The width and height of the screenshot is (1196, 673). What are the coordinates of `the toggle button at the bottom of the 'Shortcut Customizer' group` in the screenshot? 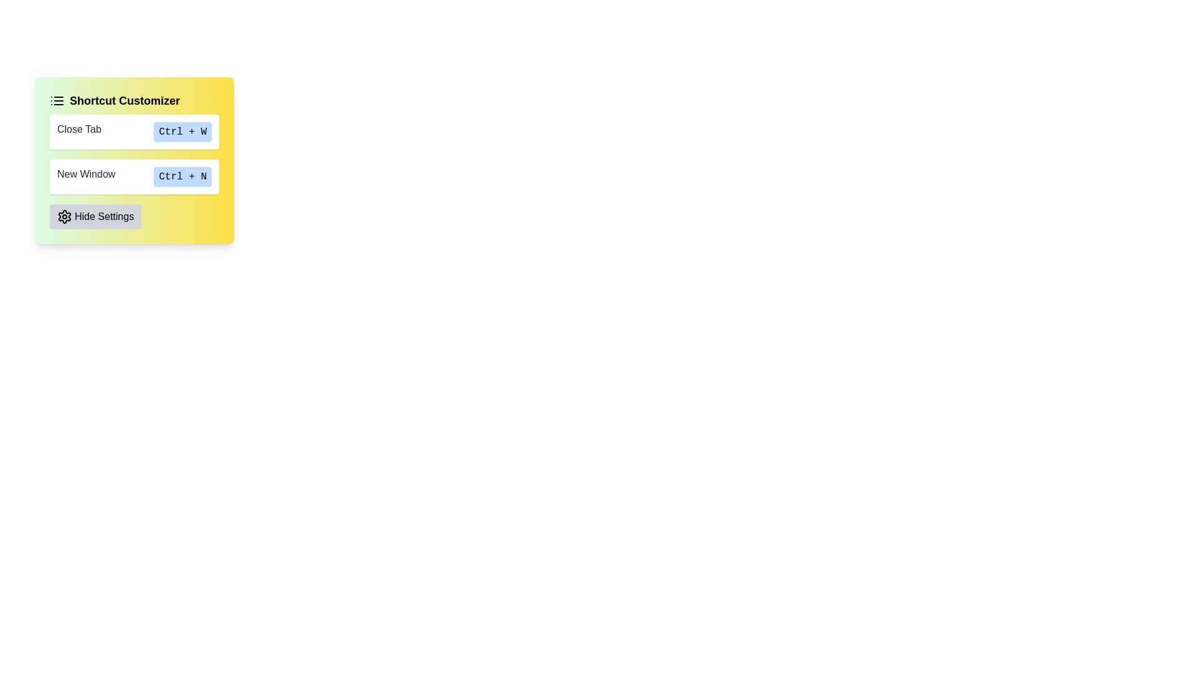 It's located at (135, 216).